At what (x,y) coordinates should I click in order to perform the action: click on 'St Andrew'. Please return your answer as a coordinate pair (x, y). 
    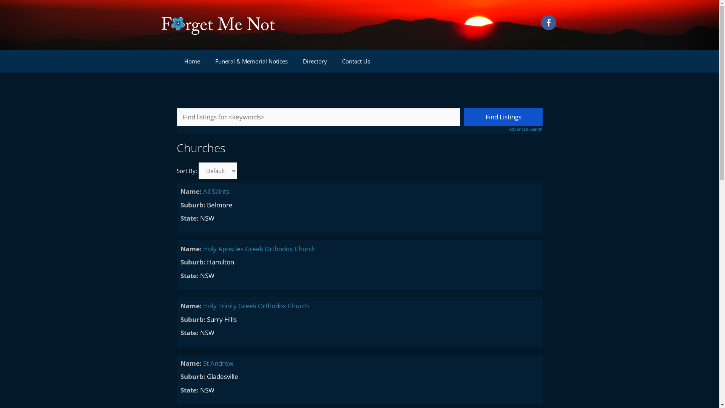
    Looking at the image, I should click on (217, 363).